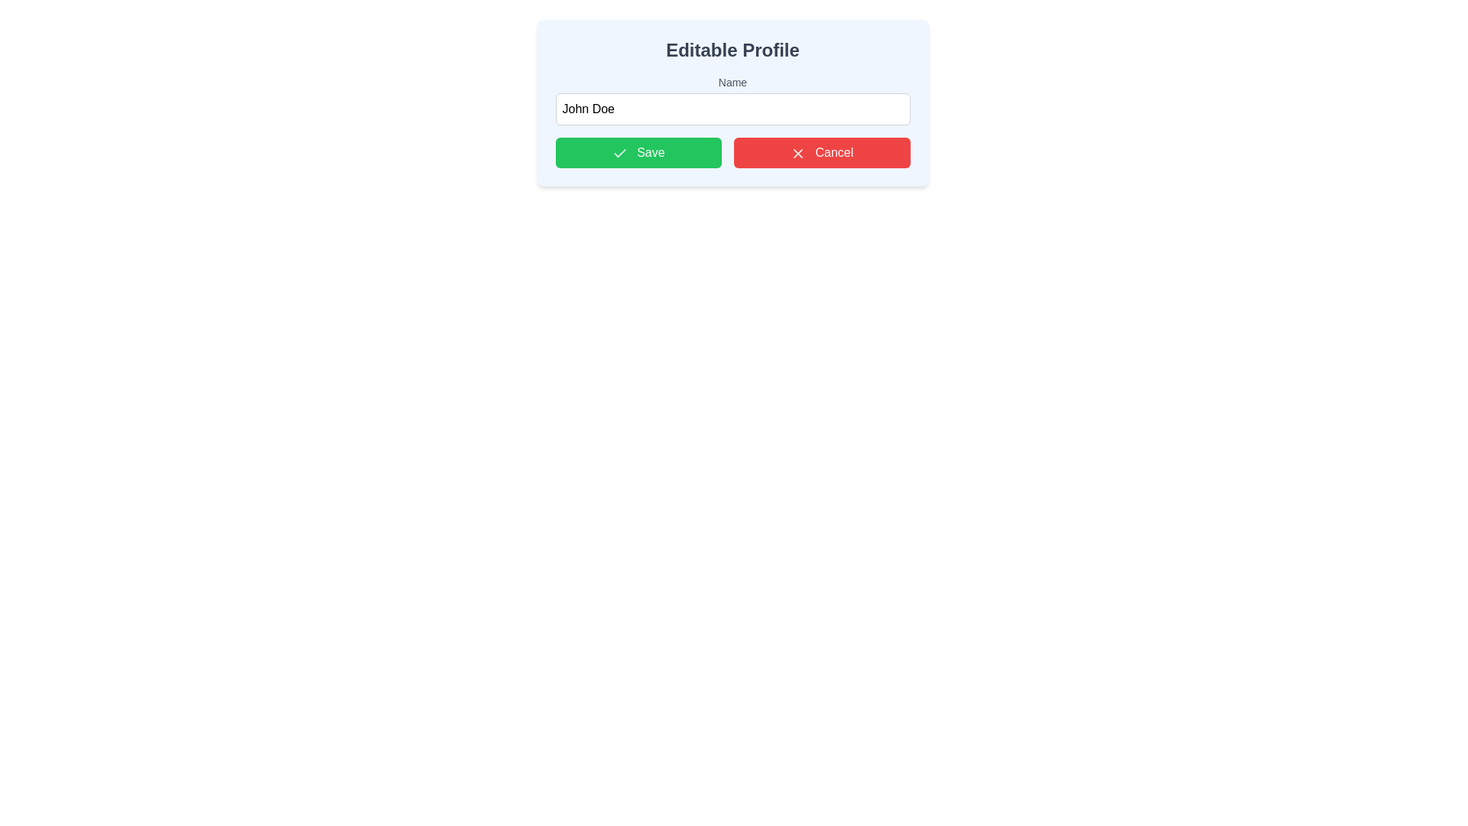 The image size is (1468, 826). What do you see at coordinates (797, 153) in the screenshot?
I see `the 'Cancel' button which contains the cross/cancel icon to discard changes or close the form in the 'Editable Profile'` at bounding box center [797, 153].